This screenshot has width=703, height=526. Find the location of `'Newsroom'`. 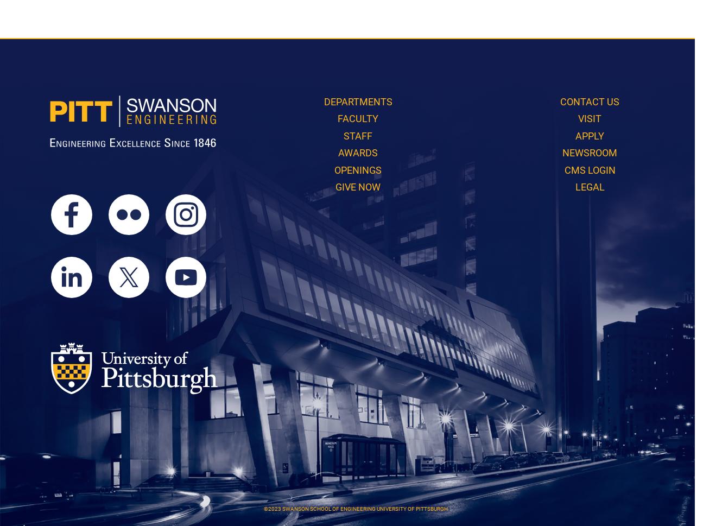

'Newsroom' is located at coordinates (590, 153).